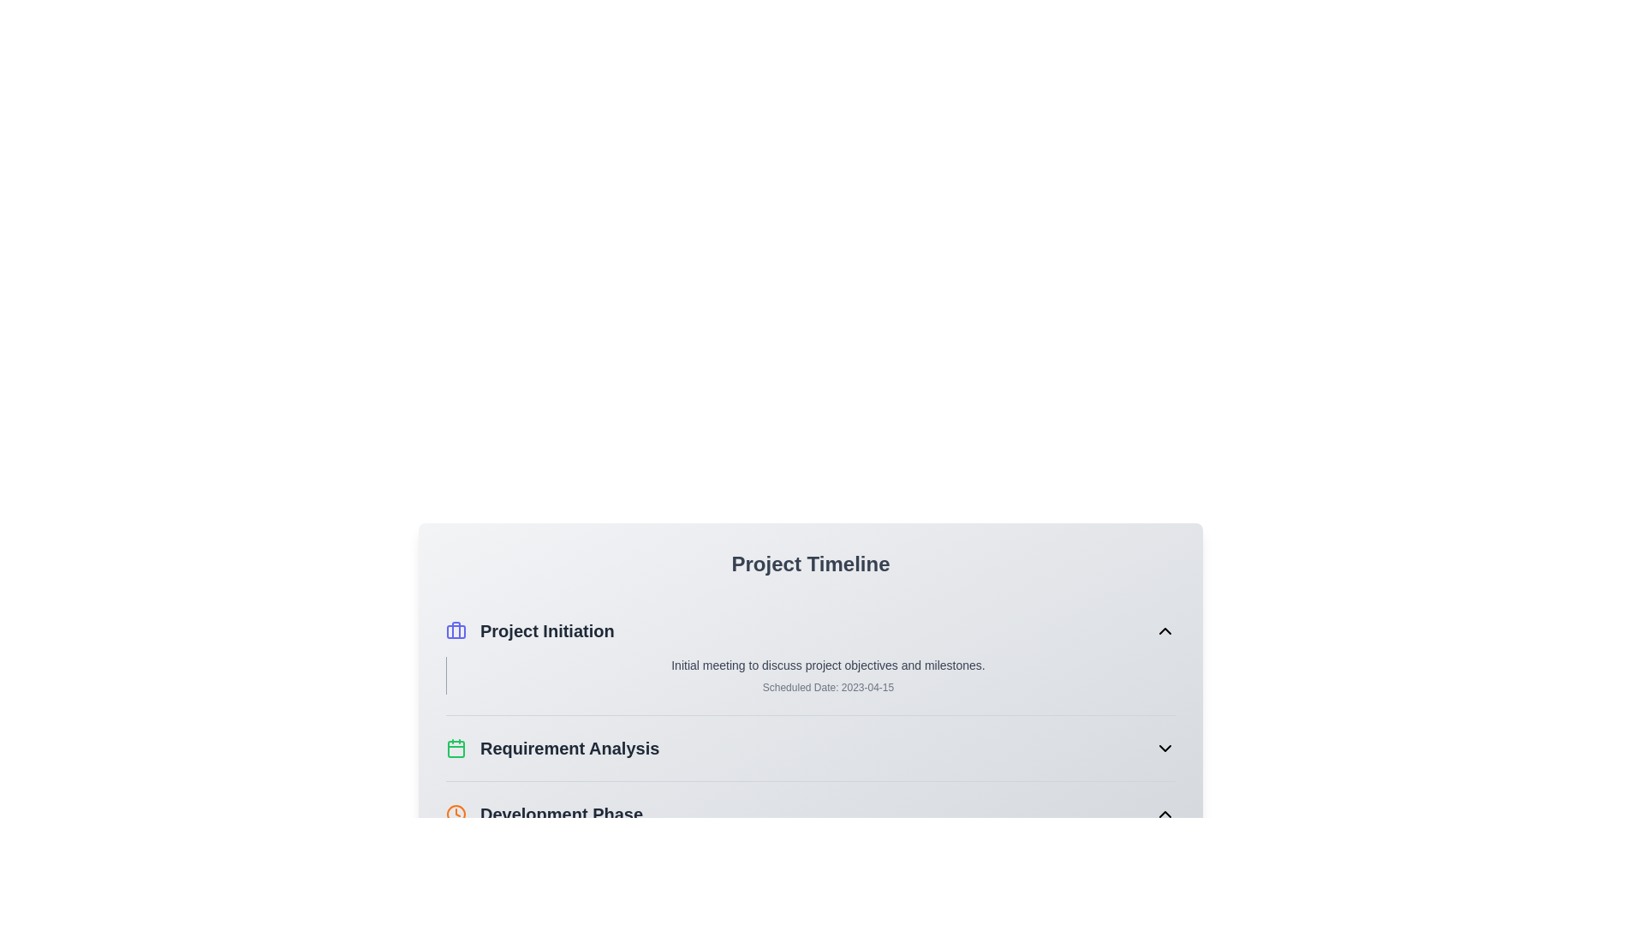 This screenshot has width=1644, height=925. Describe the element at coordinates (809, 675) in the screenshot. I see `the Text Block element located under the 'Project Initiation' header, which contains a meeting description and a scheduled date` at that location.